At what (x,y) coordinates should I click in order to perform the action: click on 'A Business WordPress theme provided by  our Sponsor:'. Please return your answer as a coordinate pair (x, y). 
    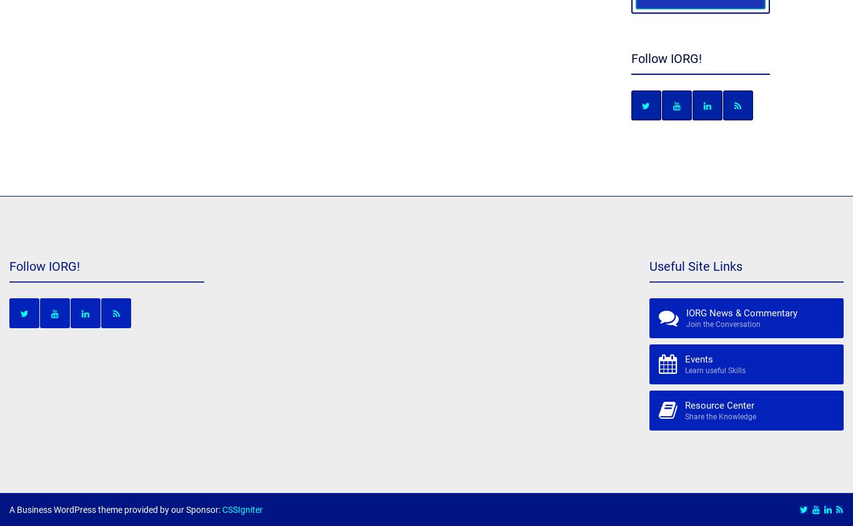
    Looking at the image, I should click on (9, 510).